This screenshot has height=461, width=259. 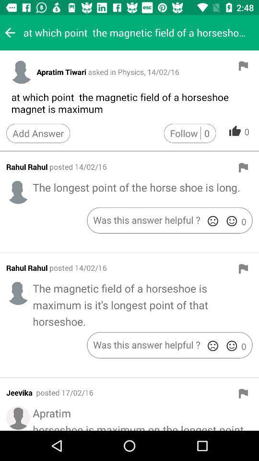 What do you see at coordinates (231, 346) in the screenshot?
I see `favorite` at bounding box center [231, 346].